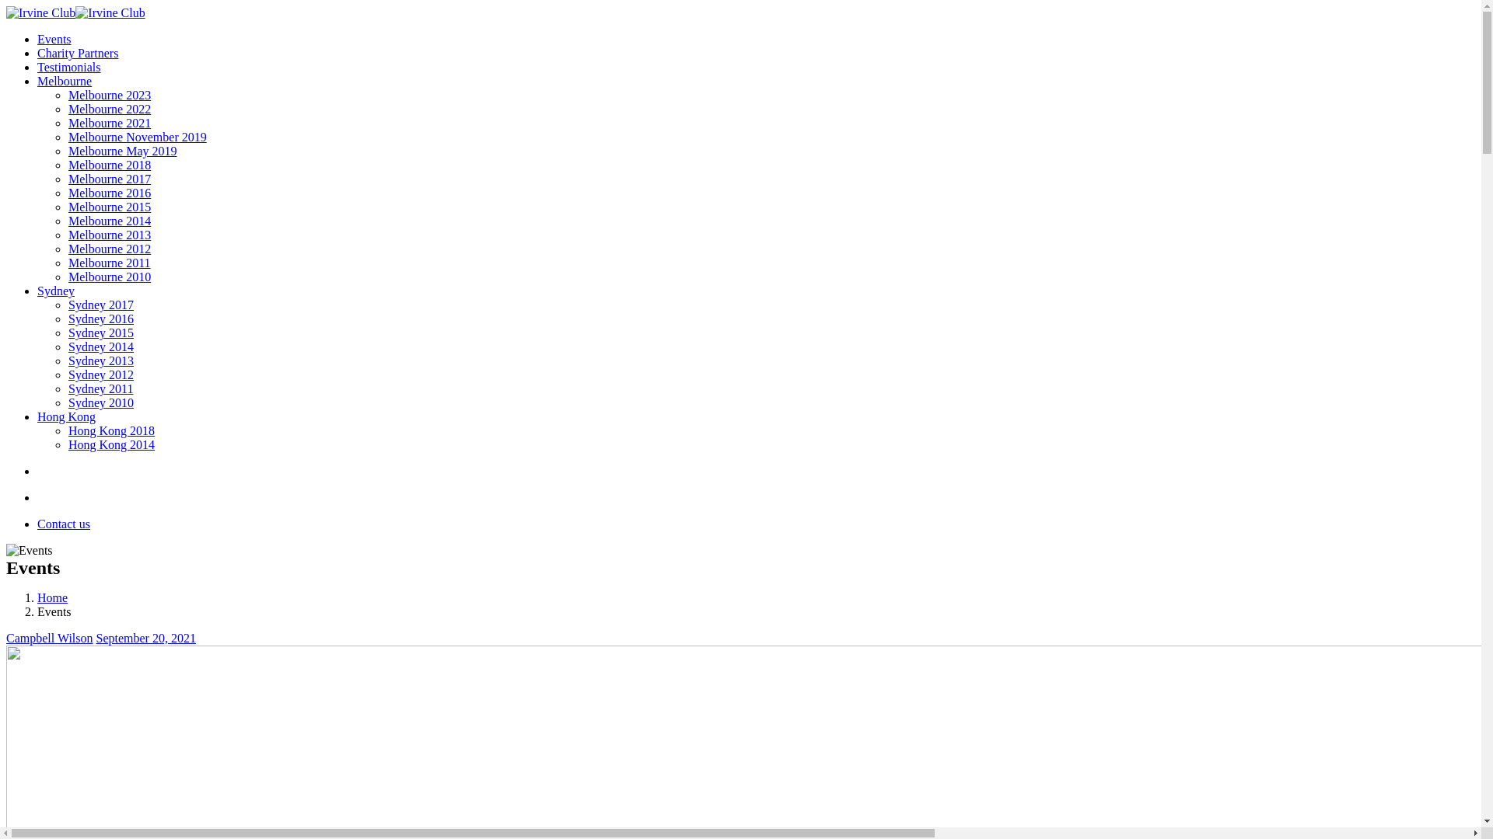 This screenshot has width=1493, height=839. I want to click on 'Melbourne 2015', so click(108, 206).